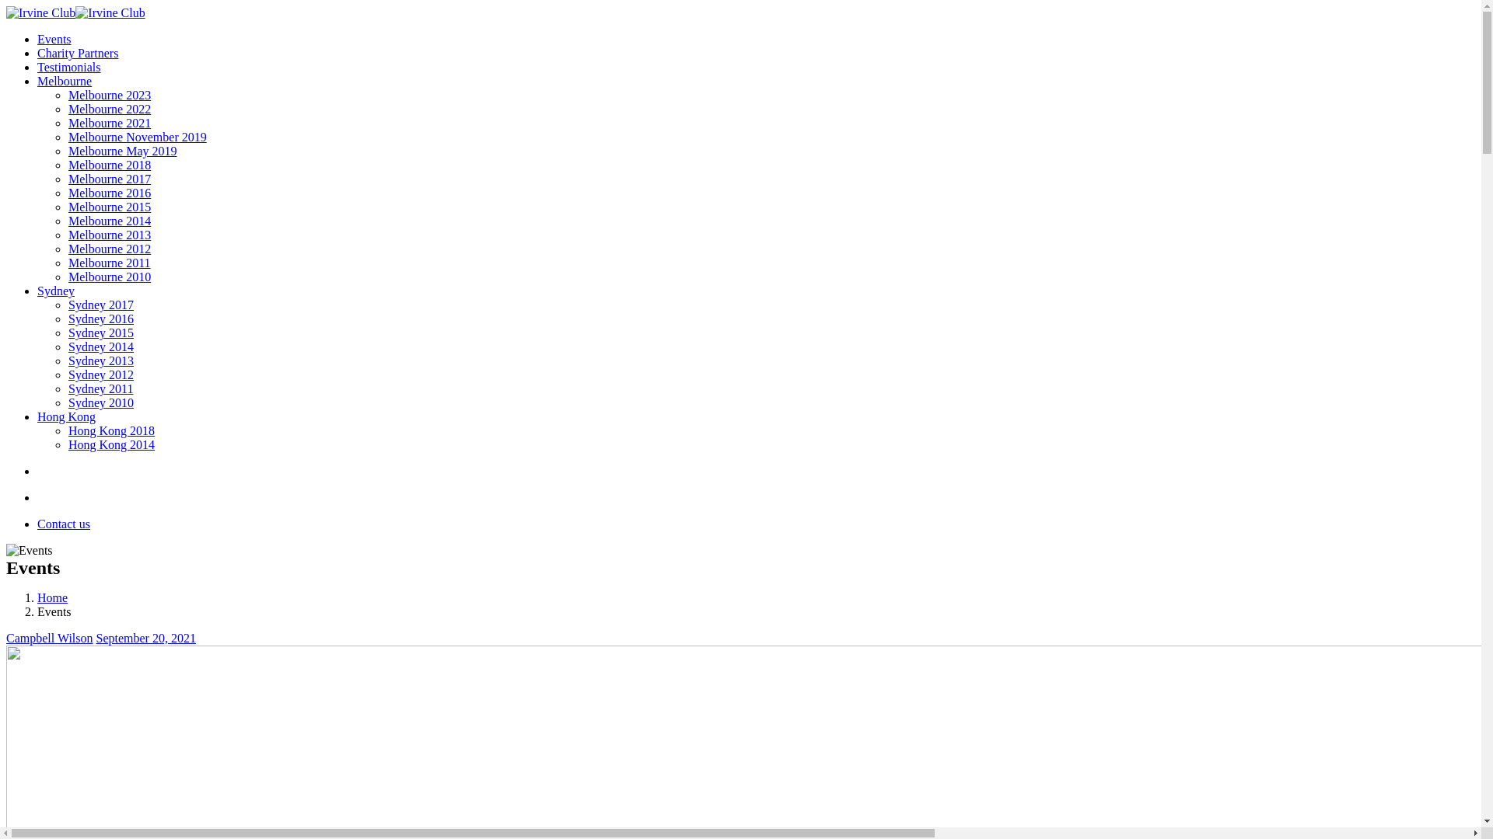 This screenshot has width=1493, height=839. I want to click on 'Melbourne 2015', so click(108, 206).